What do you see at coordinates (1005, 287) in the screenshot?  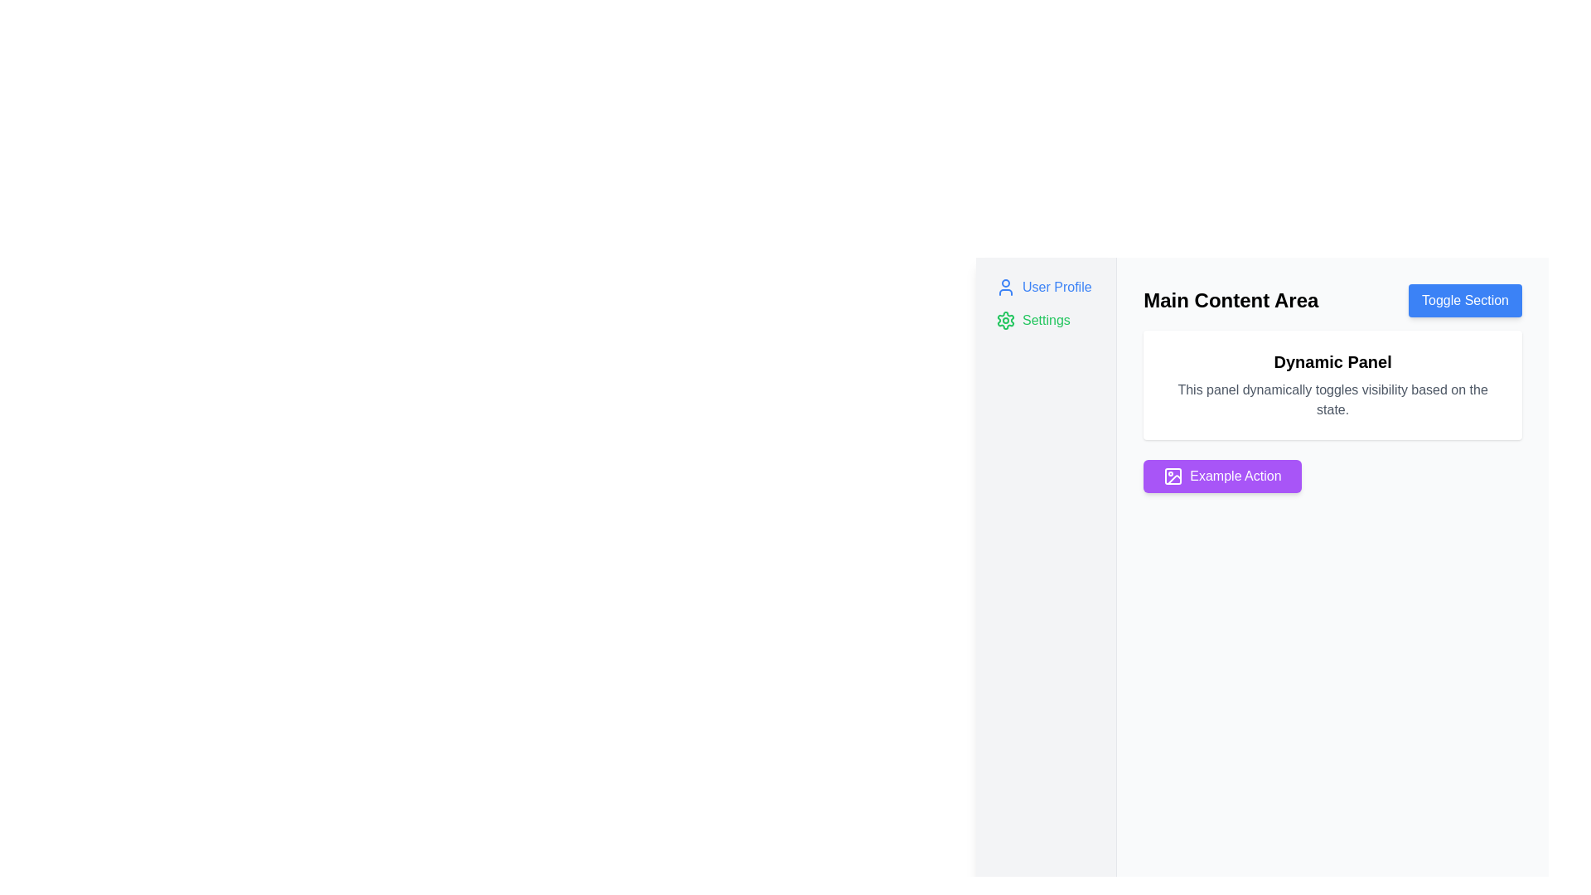 I see `the 'User Profile' icon located at the top left of the side menu, adjacent to the text 'User Profile'` at bounding box center [1005, 287].